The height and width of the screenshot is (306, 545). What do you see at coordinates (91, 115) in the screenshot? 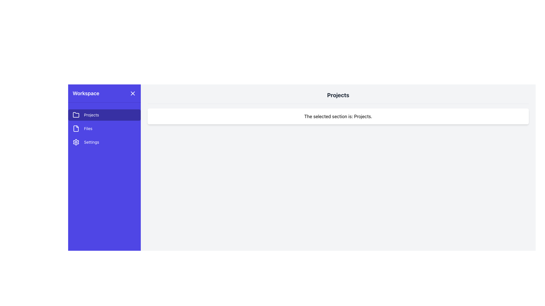
I see `the 'Projects' label in the vertical side navigation bar, which is next to the folder icon and part of the navigation links including 'Files' and 'Settings'` at bounding box center [91, 115].